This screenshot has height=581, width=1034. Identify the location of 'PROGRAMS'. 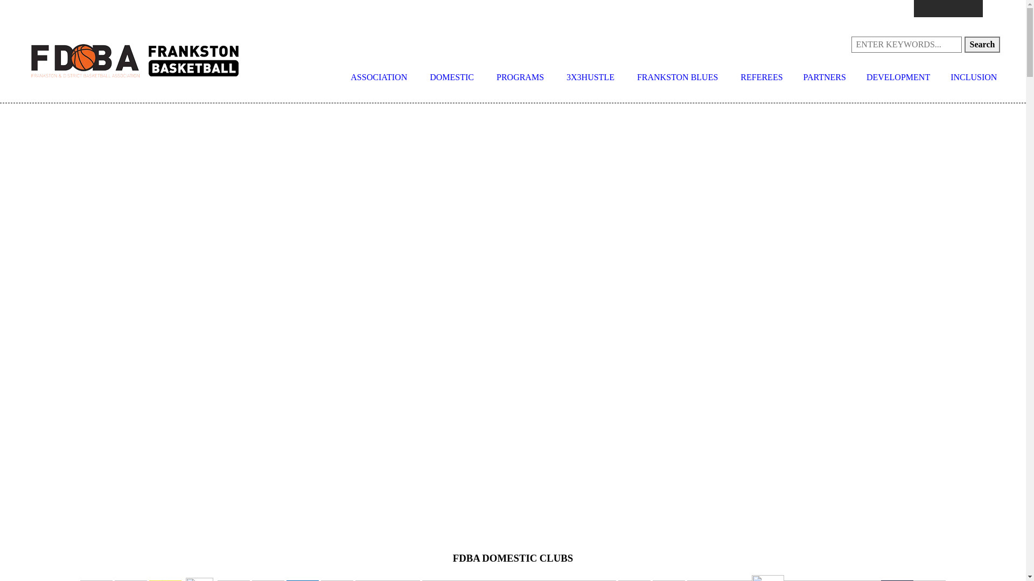
(493, 76).